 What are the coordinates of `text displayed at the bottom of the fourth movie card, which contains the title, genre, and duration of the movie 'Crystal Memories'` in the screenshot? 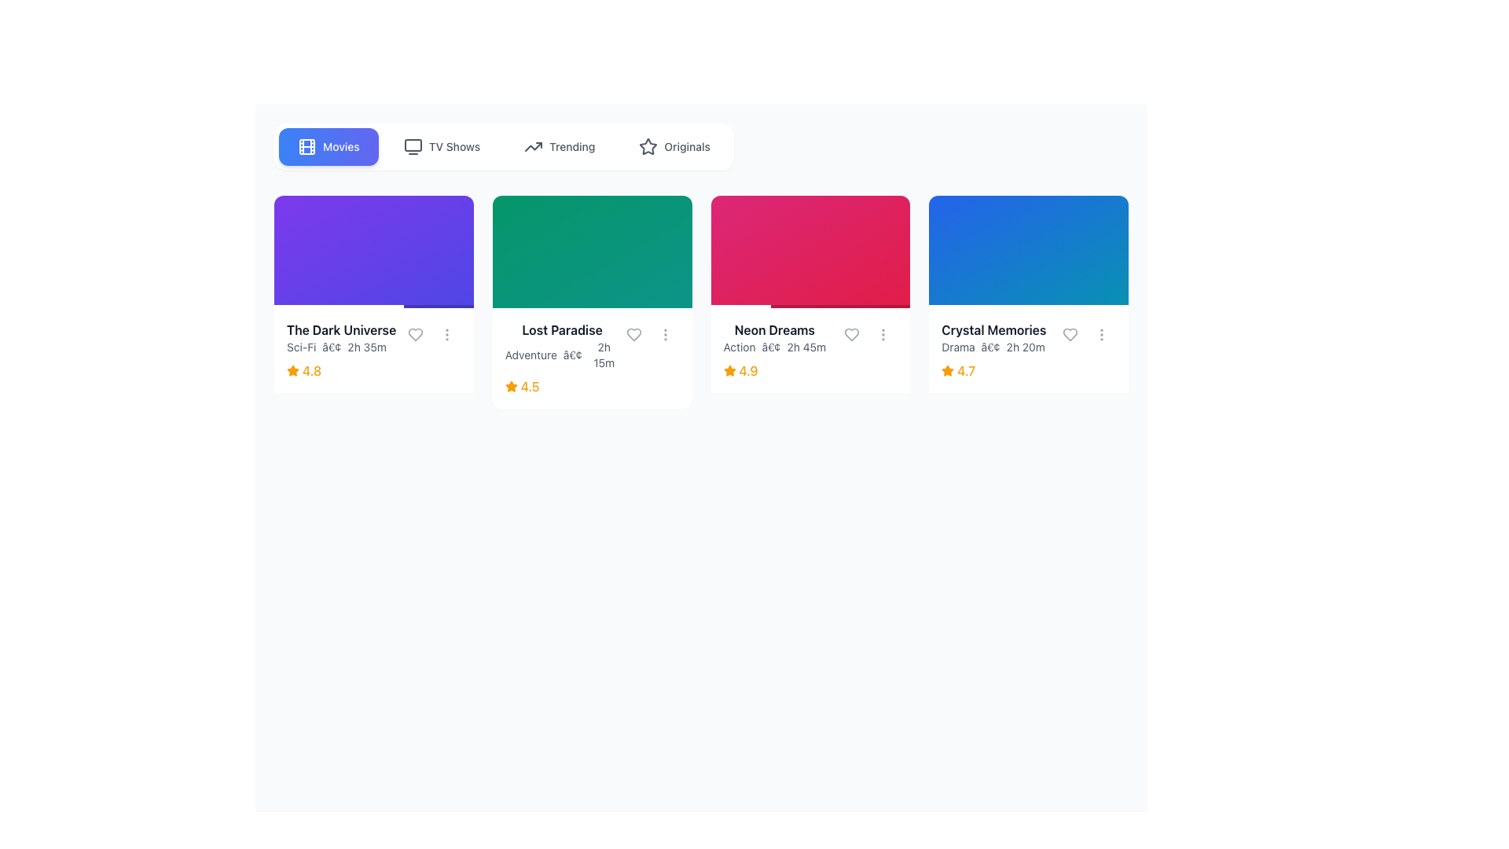 It's located at (1029, 336).